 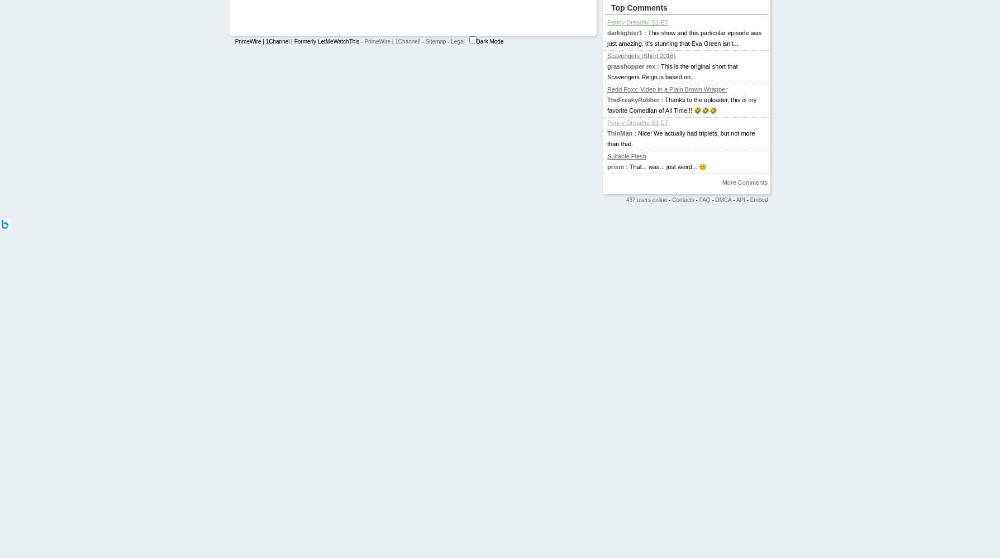 I want to click on 'PrimeWire | 1Channel | Formerly LetMeWatchThis  -', so click(x=298, y=41).